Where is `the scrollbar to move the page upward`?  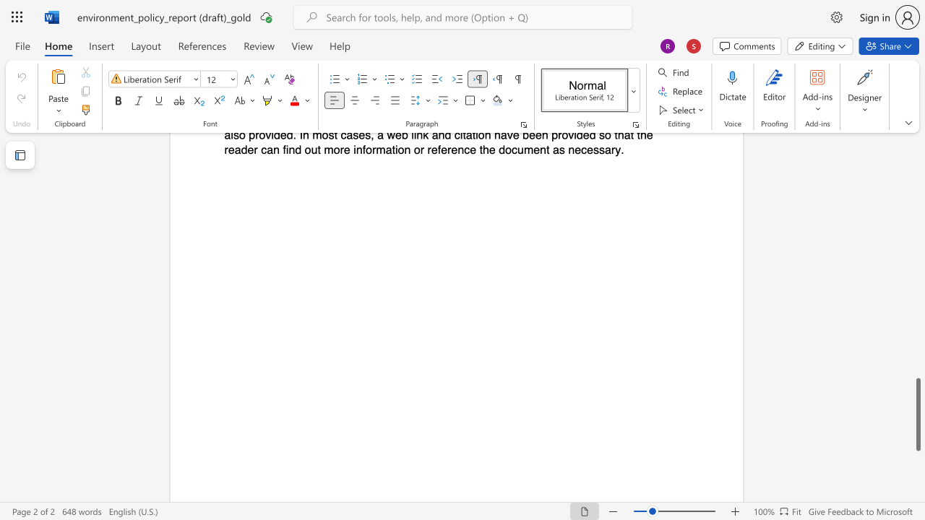
the scrollbar to move the page upward is located at coordinates (917, 179).